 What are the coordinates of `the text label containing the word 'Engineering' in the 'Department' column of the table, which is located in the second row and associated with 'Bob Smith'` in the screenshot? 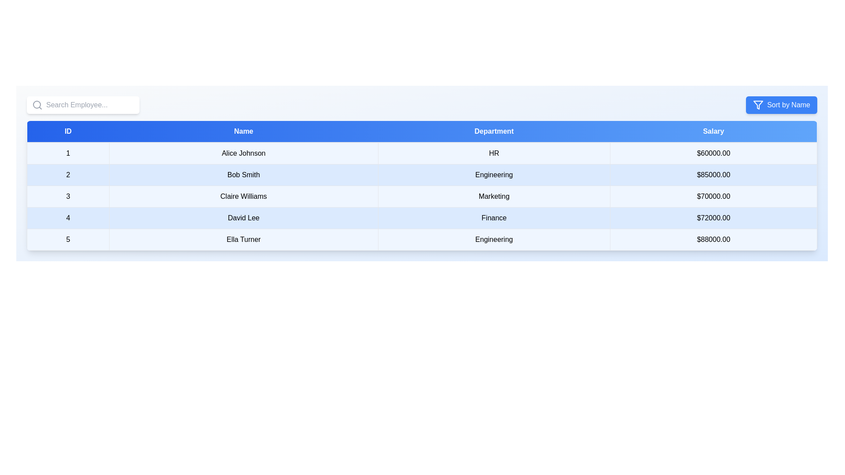 It's located at (494, 175).